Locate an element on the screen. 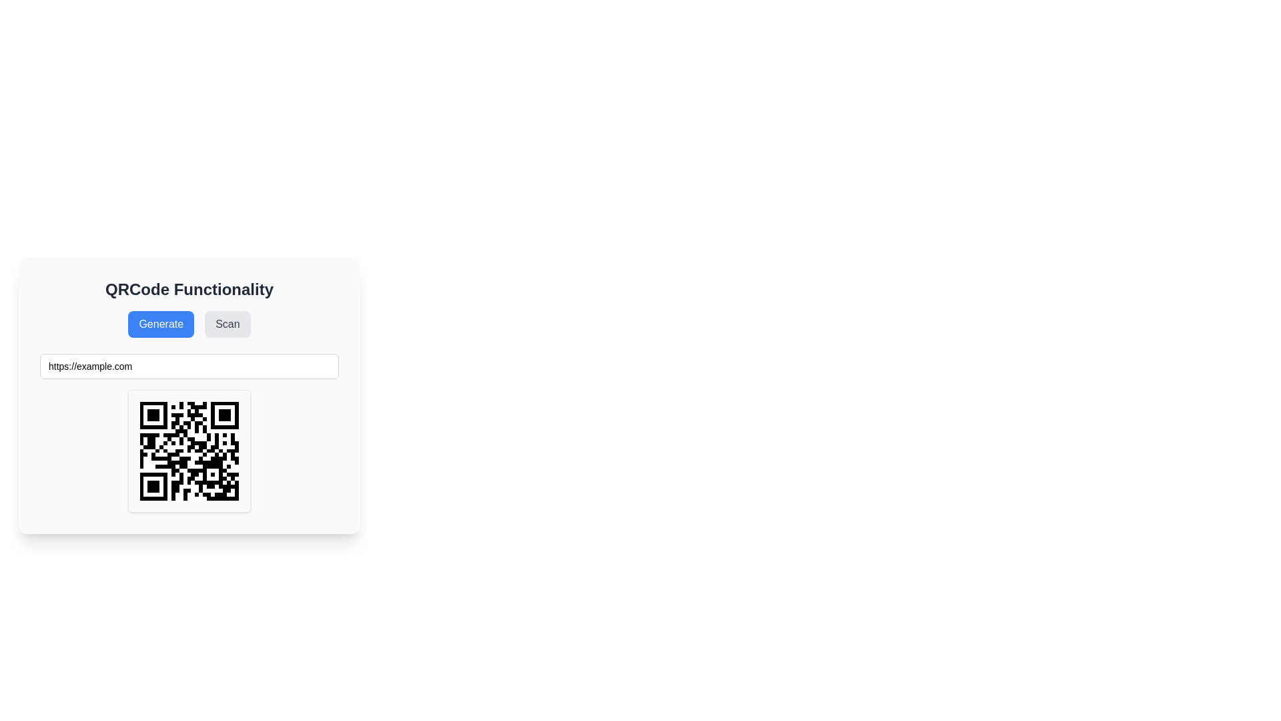  the button that initiates the scanning action for the 'QRCode Functionality', located on the right side of the button group adjacent to the 'Generate' button is located at coordinates (228, 324).